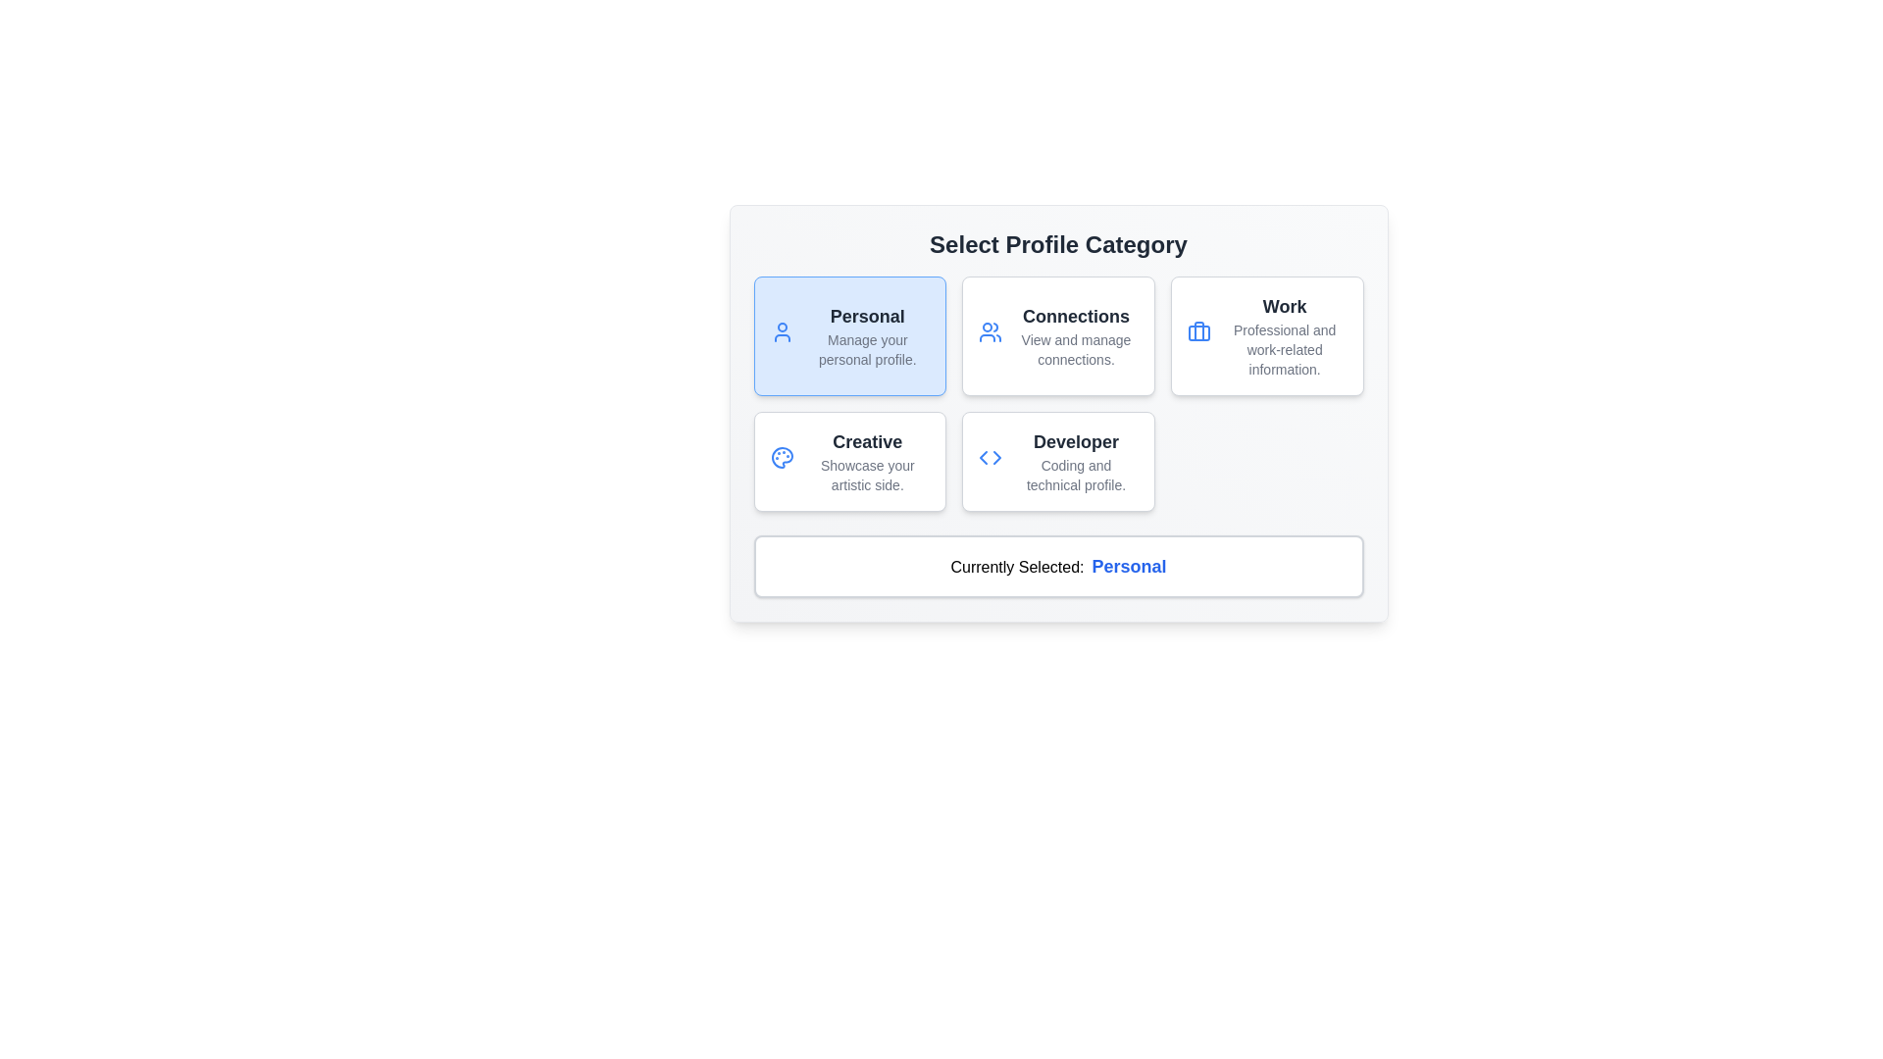 This screenshot has height=1059, width=1883. I want to click on the options in the Selection Pane with Options and Display to provide visual feedback to the user based on their current selection, so click(1057, 412).